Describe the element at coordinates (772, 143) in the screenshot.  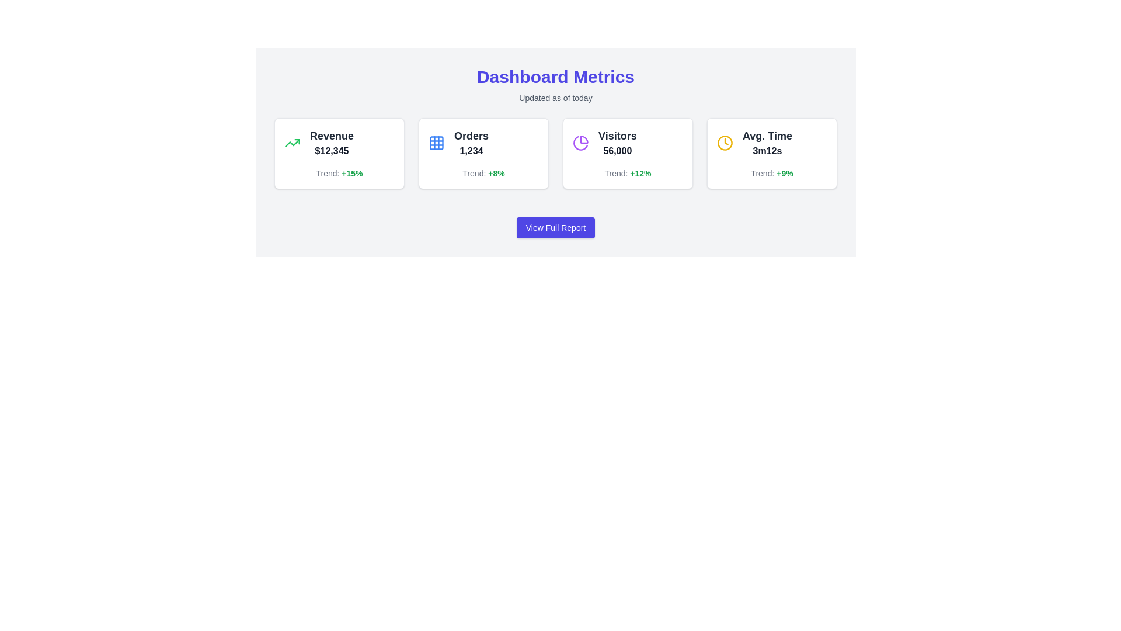
I see `the yellow clock-shaped icon with 'Avg. Time' and '3m12s' text located on the rightmost side of the dashboard under 'Dashboard Metrics'` at that location.